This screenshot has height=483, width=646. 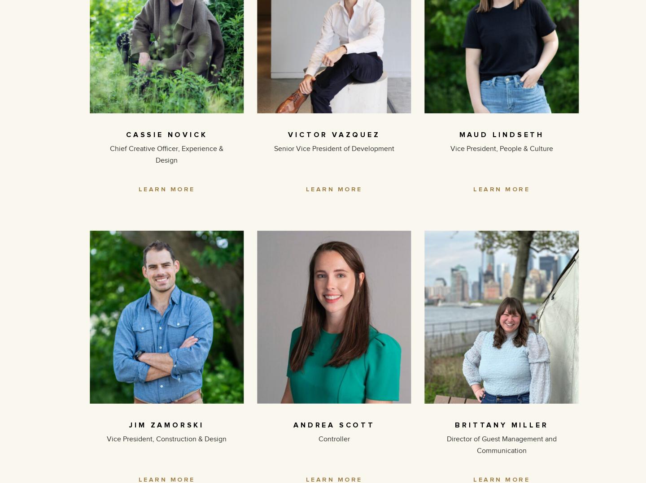 I want to click on 'MAUD LINDSETH', so click(x=501, y=134).